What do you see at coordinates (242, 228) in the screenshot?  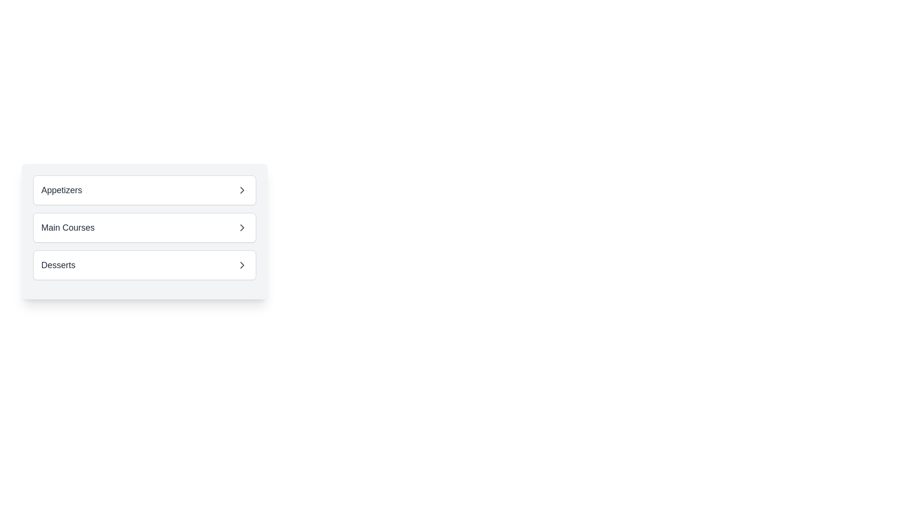 I see `the Chevron icon located to the right of the 'Main Courses' list item` at bounding box center [242, 228].